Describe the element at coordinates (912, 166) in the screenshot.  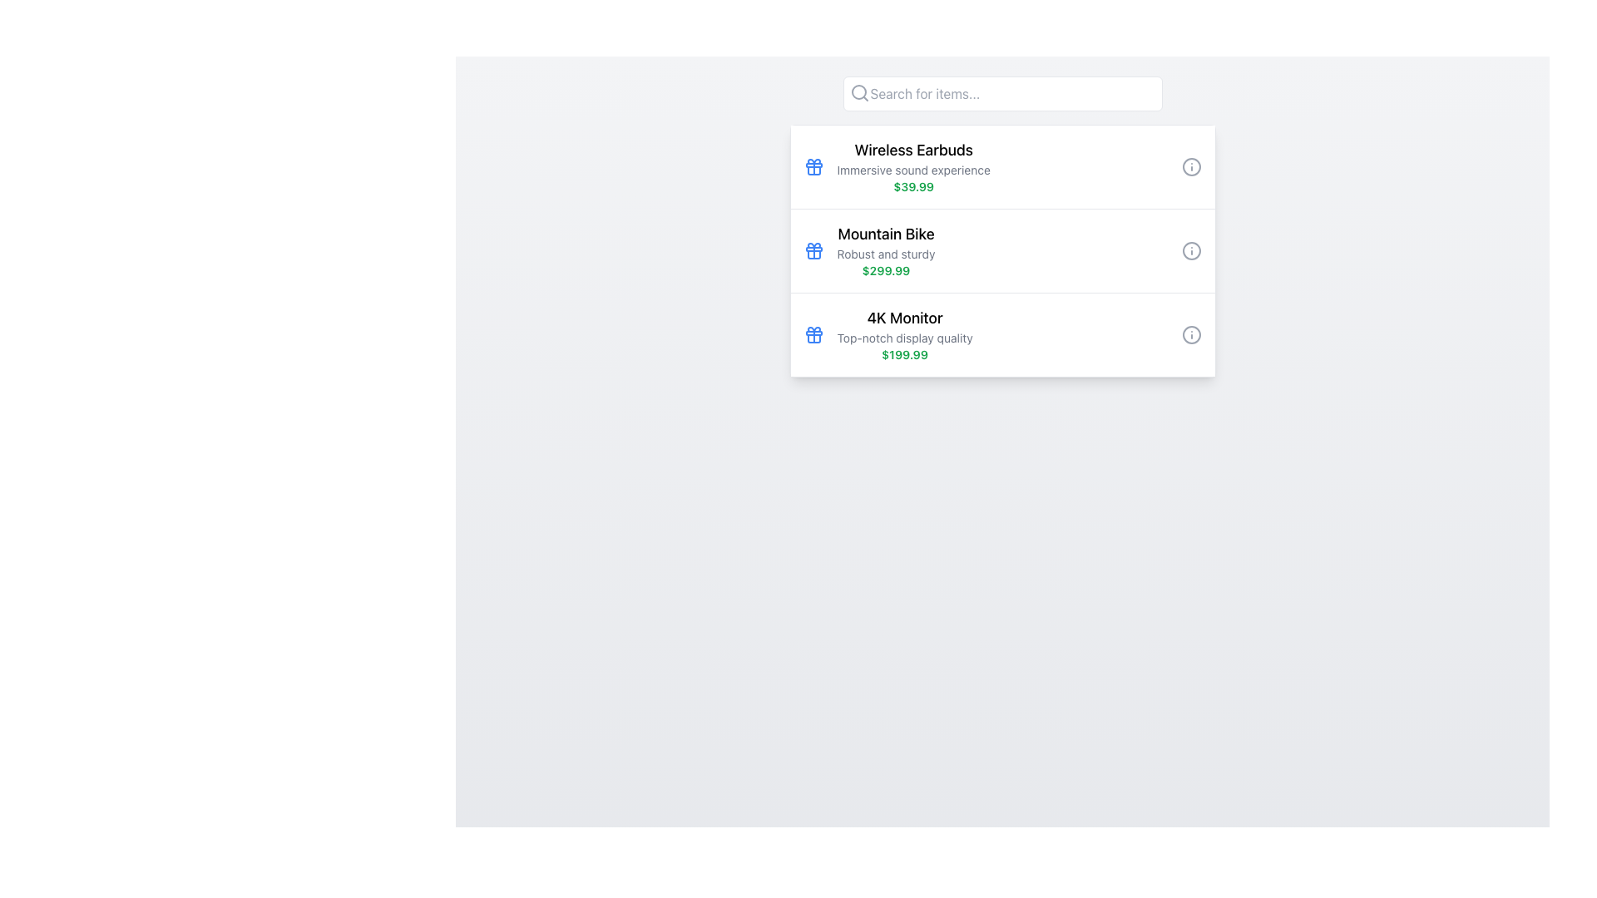
I see `the text element displaying 'Wireless Earbuds'` at that location.